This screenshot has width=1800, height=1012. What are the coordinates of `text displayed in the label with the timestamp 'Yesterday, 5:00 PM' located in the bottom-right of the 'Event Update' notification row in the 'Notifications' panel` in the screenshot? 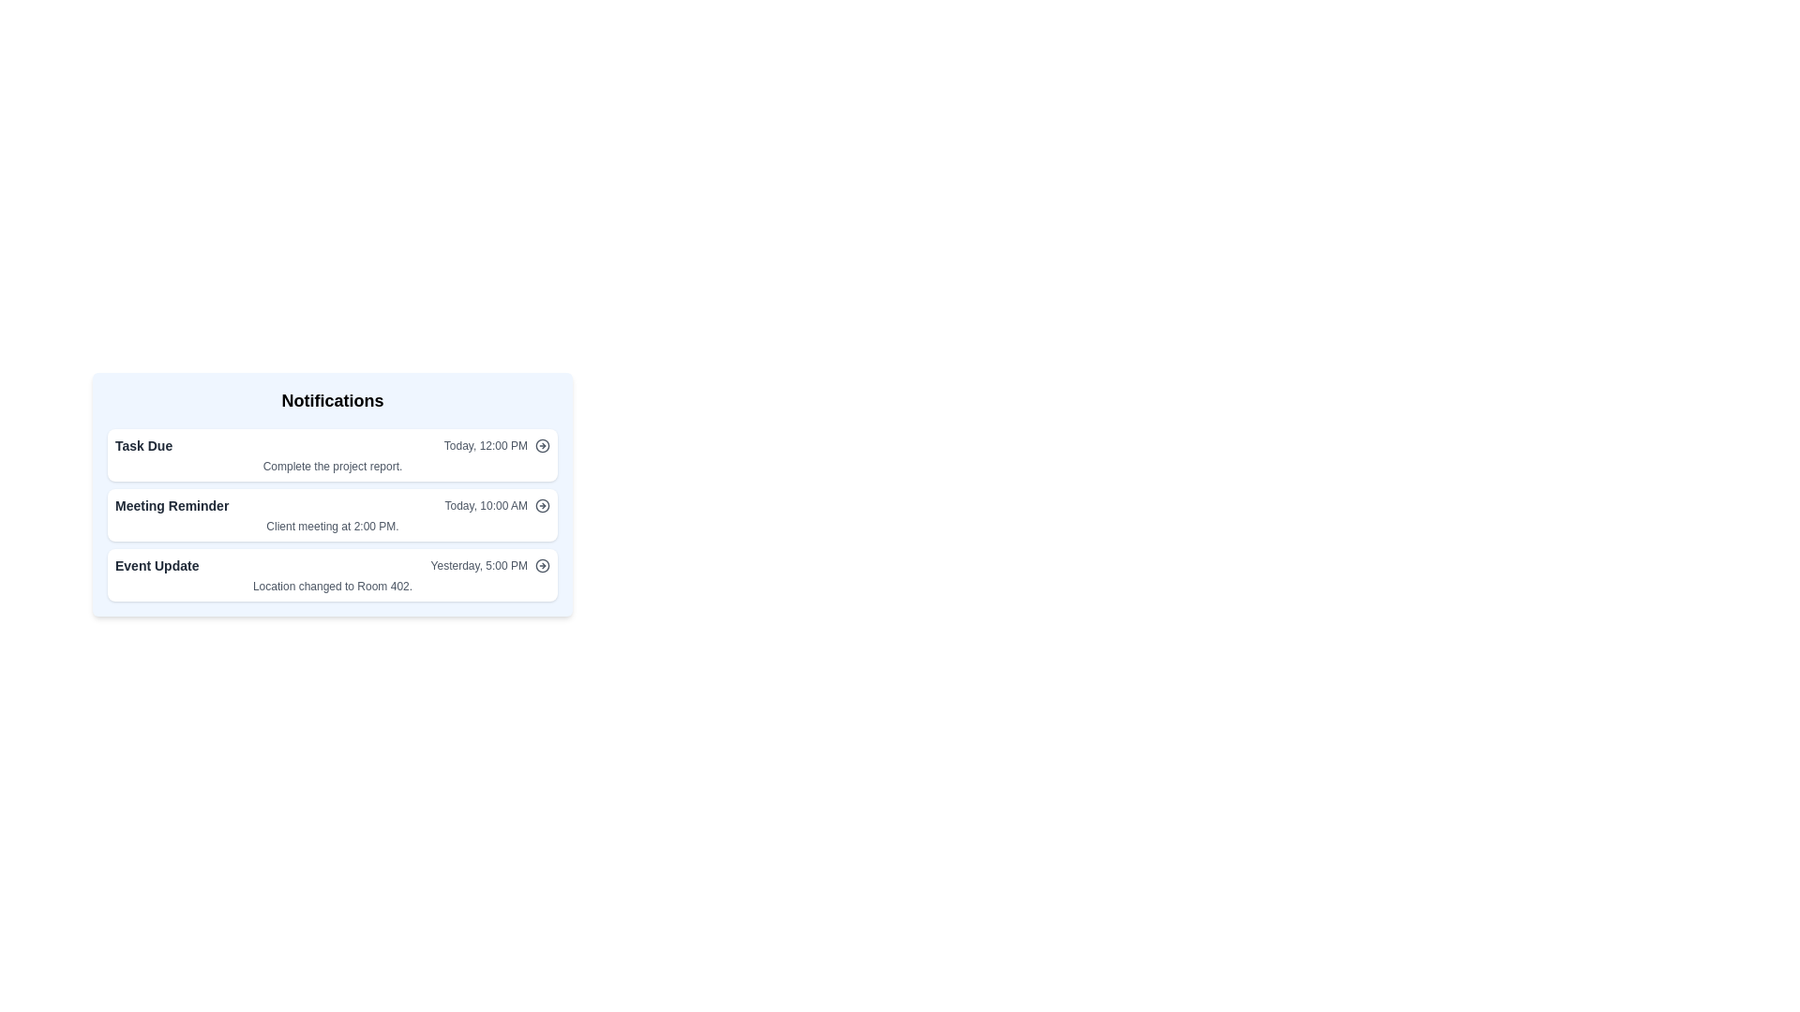 It's located at (490, 565).